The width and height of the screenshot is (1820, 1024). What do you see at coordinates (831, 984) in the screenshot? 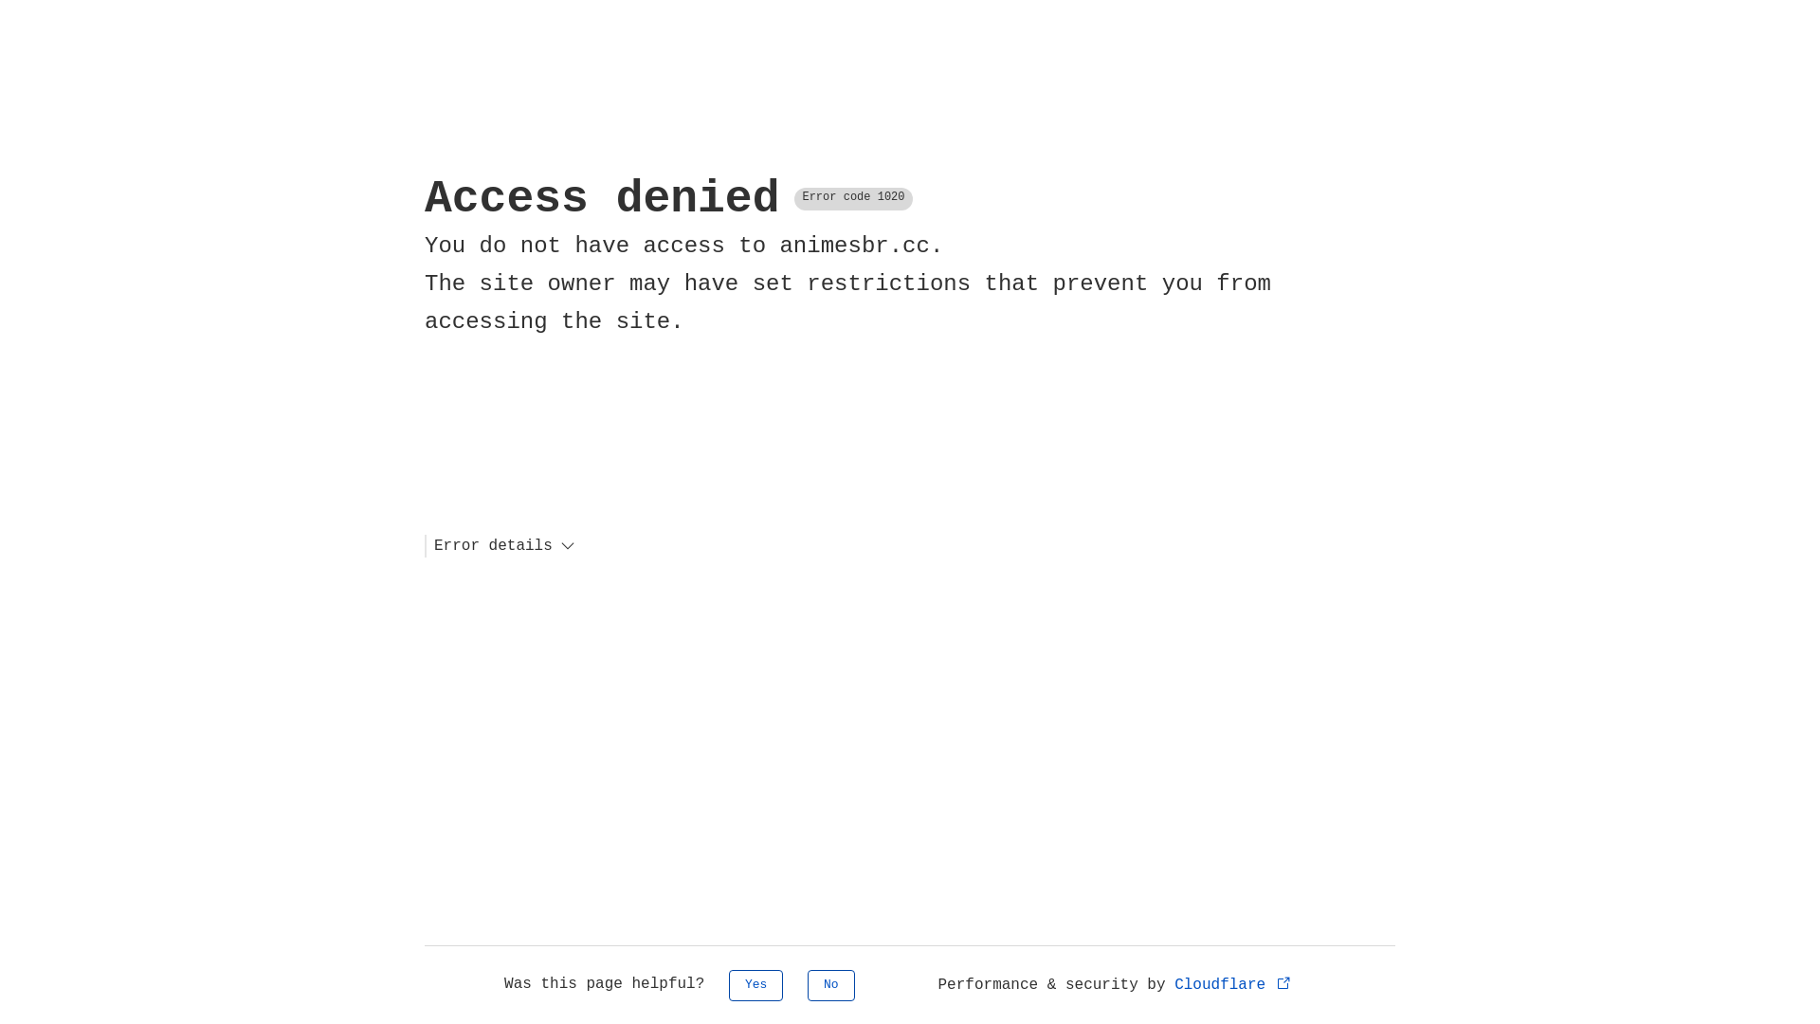
I see `'No'` at bounding box center [831, 984].